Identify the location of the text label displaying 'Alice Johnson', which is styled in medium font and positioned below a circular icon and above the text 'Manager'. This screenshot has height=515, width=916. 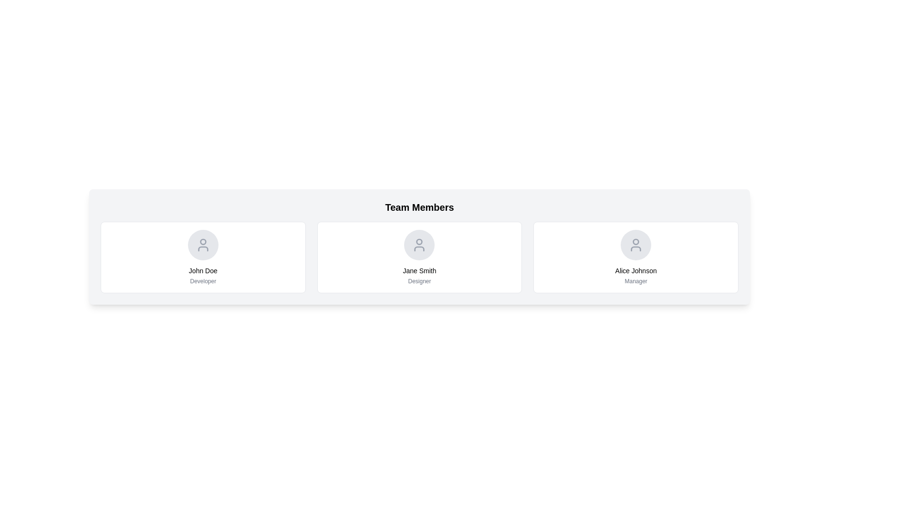
(636, 270).